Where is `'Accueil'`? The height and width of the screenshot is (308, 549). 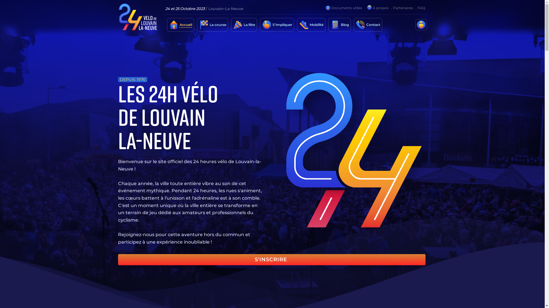 'Accueil' is located at coordinates (185, 25).